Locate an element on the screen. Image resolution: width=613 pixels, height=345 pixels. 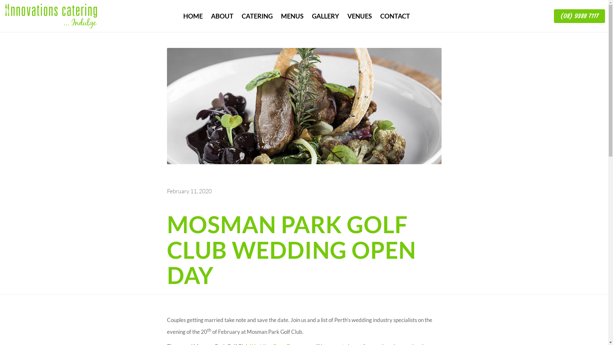
'CONTACT' is located at coordinates (376, 19).